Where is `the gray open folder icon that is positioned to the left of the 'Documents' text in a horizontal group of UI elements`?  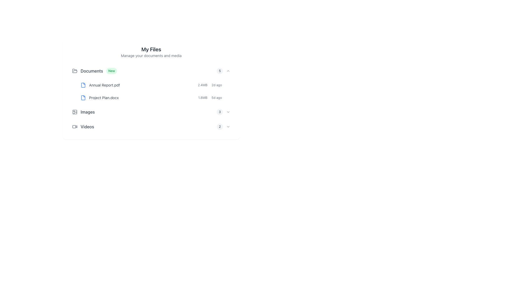 the gray open folder icon that is positioned to the left of the 'Documents' text in a horizontal group of UI elements is located at coordinates (74, 71).